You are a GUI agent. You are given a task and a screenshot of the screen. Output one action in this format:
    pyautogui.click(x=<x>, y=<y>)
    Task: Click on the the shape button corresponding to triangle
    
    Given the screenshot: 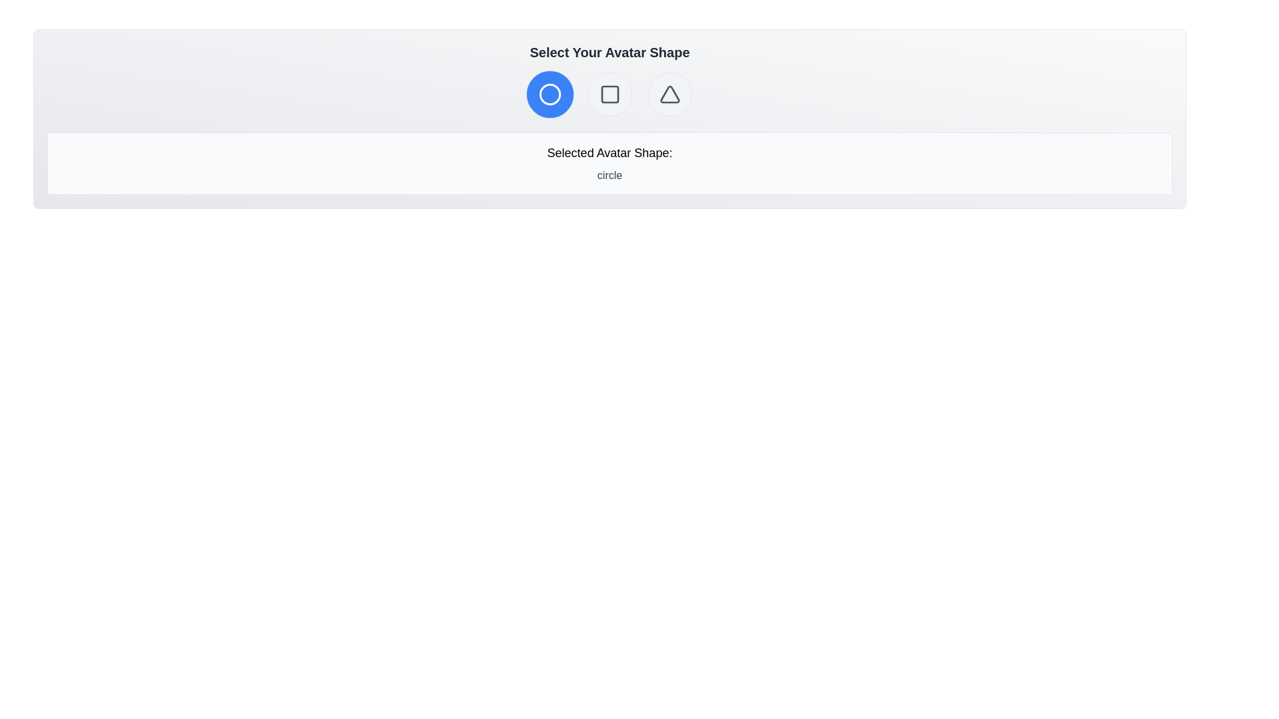 What is the action you would take?
    pyautogui.click(x=669, y=94)
    